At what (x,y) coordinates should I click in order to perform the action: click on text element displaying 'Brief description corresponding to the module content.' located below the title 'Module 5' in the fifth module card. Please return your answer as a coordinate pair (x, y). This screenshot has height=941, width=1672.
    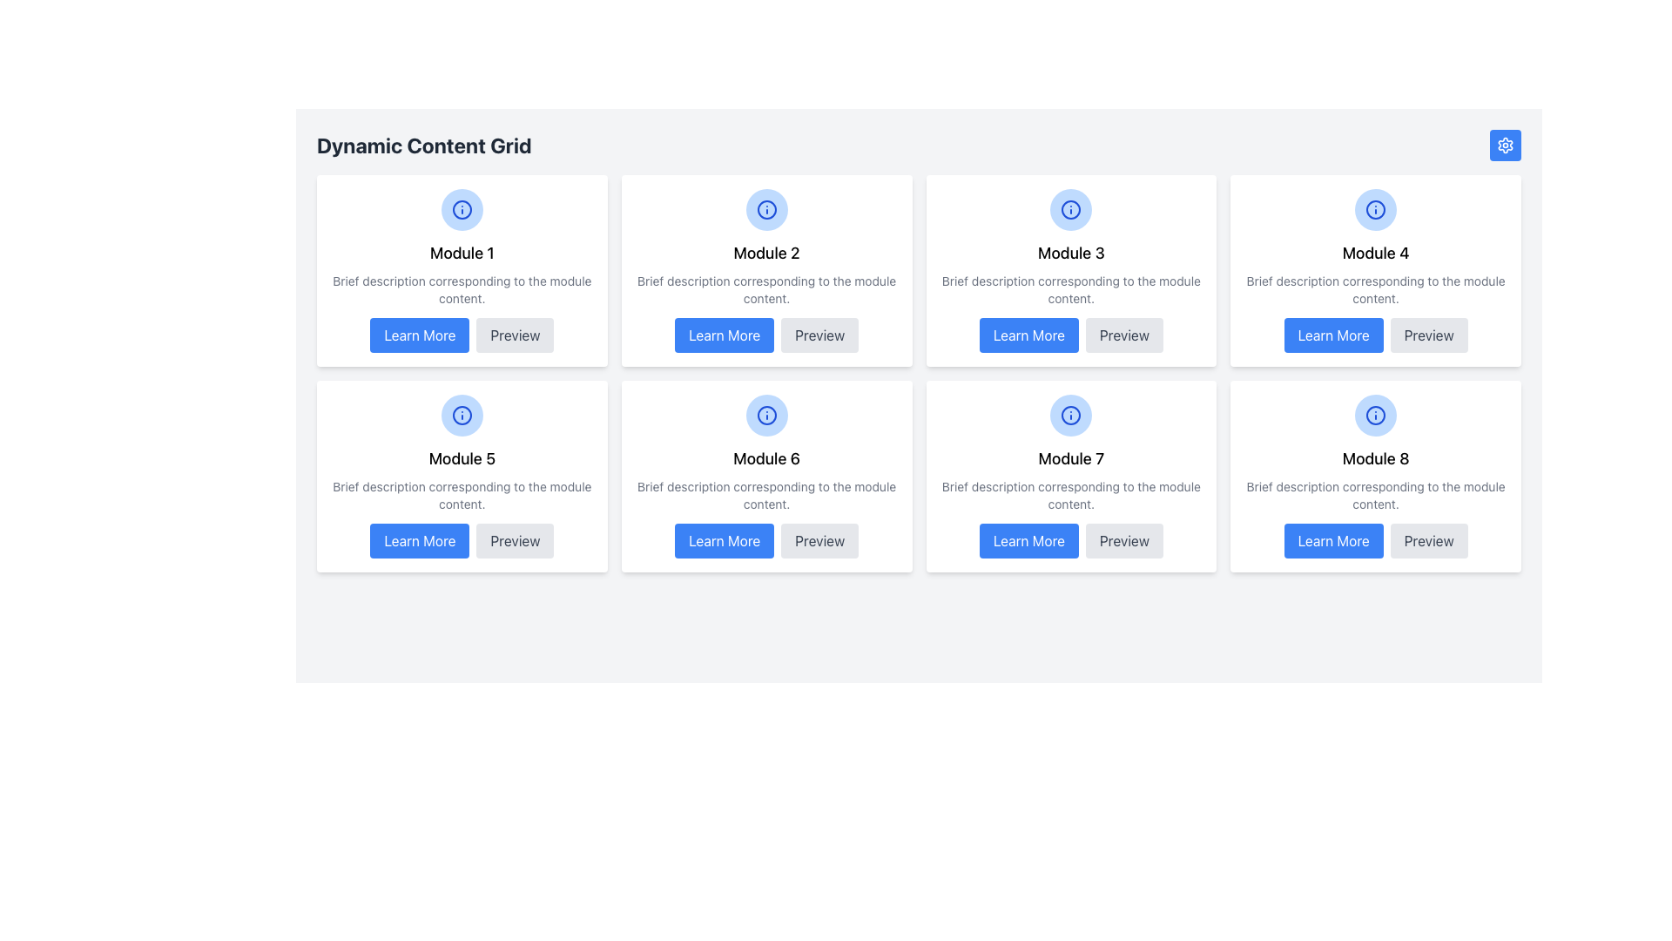
    Looking at the image, I should click on (462, 496).